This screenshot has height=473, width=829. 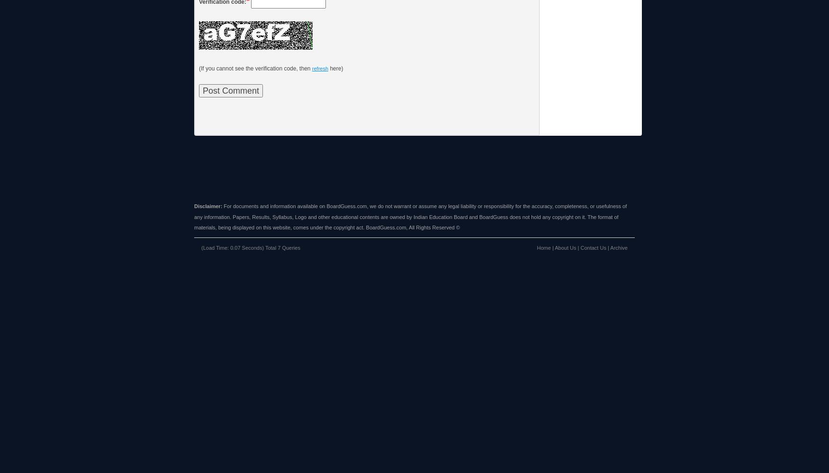 I want to click on 'here)', so click(x=335, y=68).